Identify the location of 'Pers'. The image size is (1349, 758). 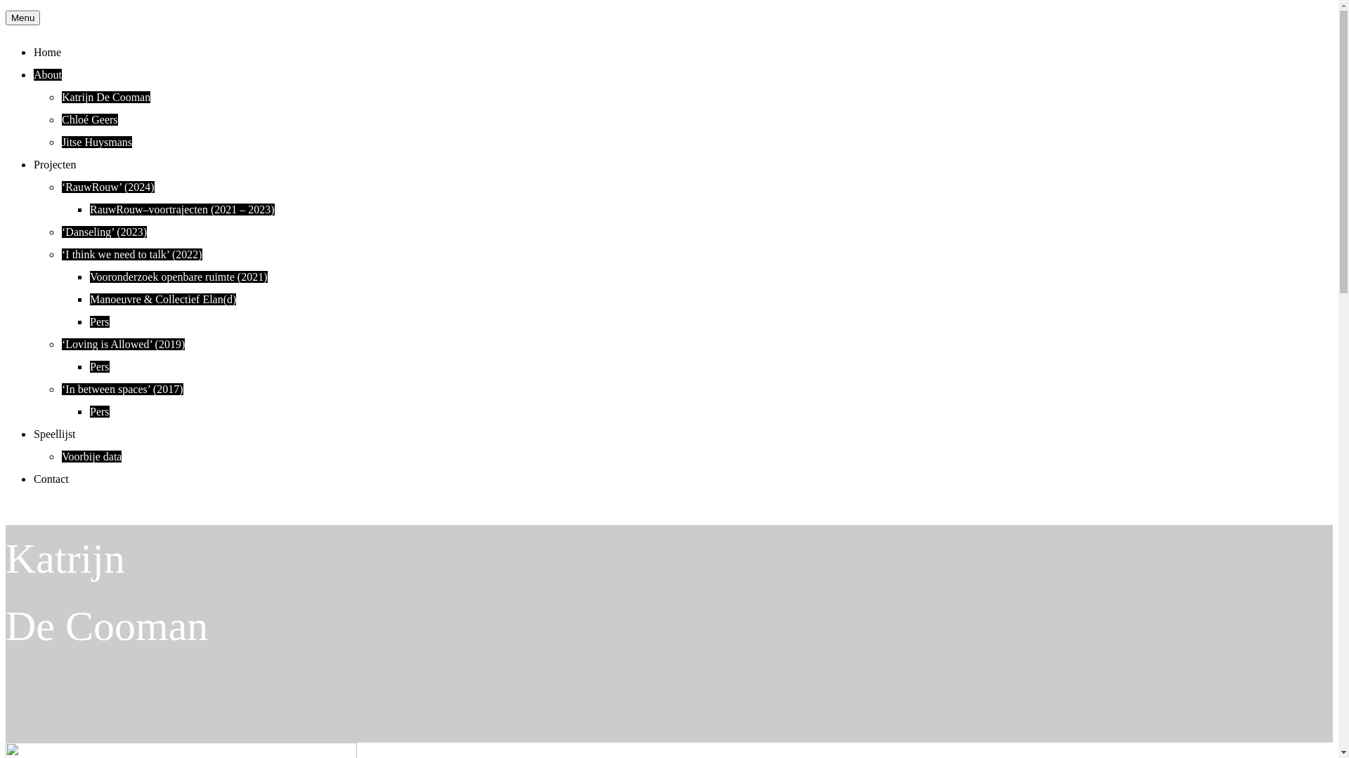
(99, 321).